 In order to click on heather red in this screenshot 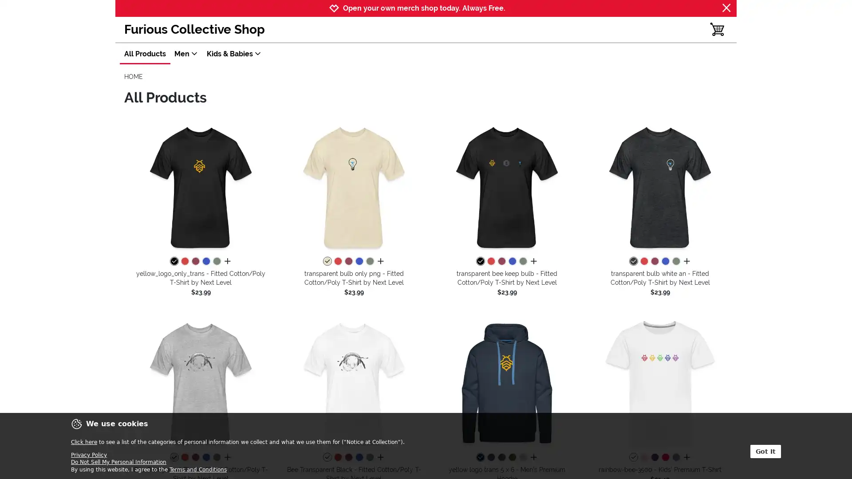, I will do `click(643, 261)`.